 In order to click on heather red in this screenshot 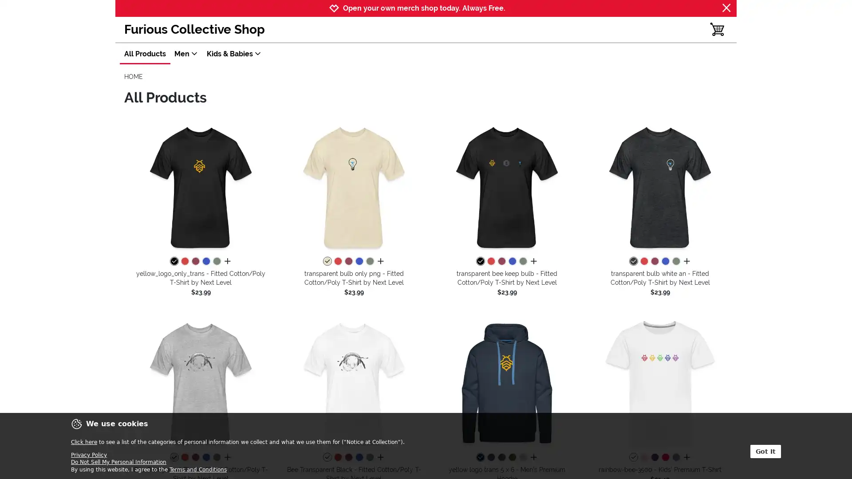, I will do `click(643, 261)`.